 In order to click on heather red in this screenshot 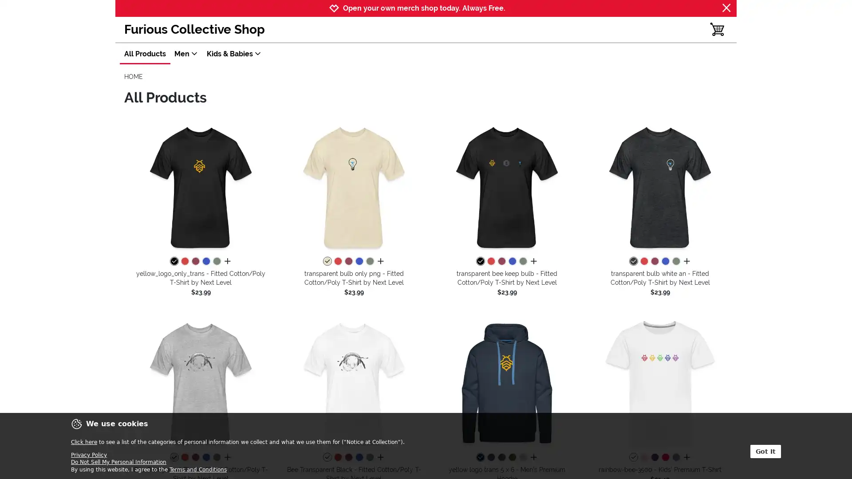, I will do `click(643, 261)`.